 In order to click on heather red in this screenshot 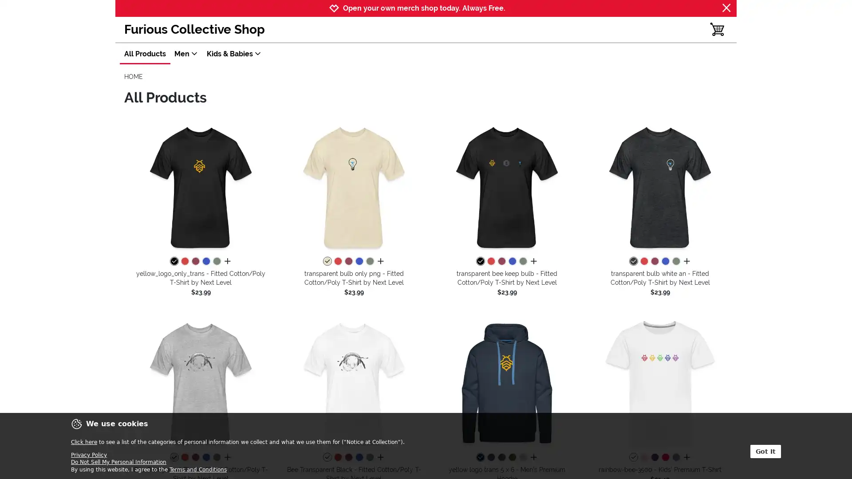, I will do `click(643, 261)`.